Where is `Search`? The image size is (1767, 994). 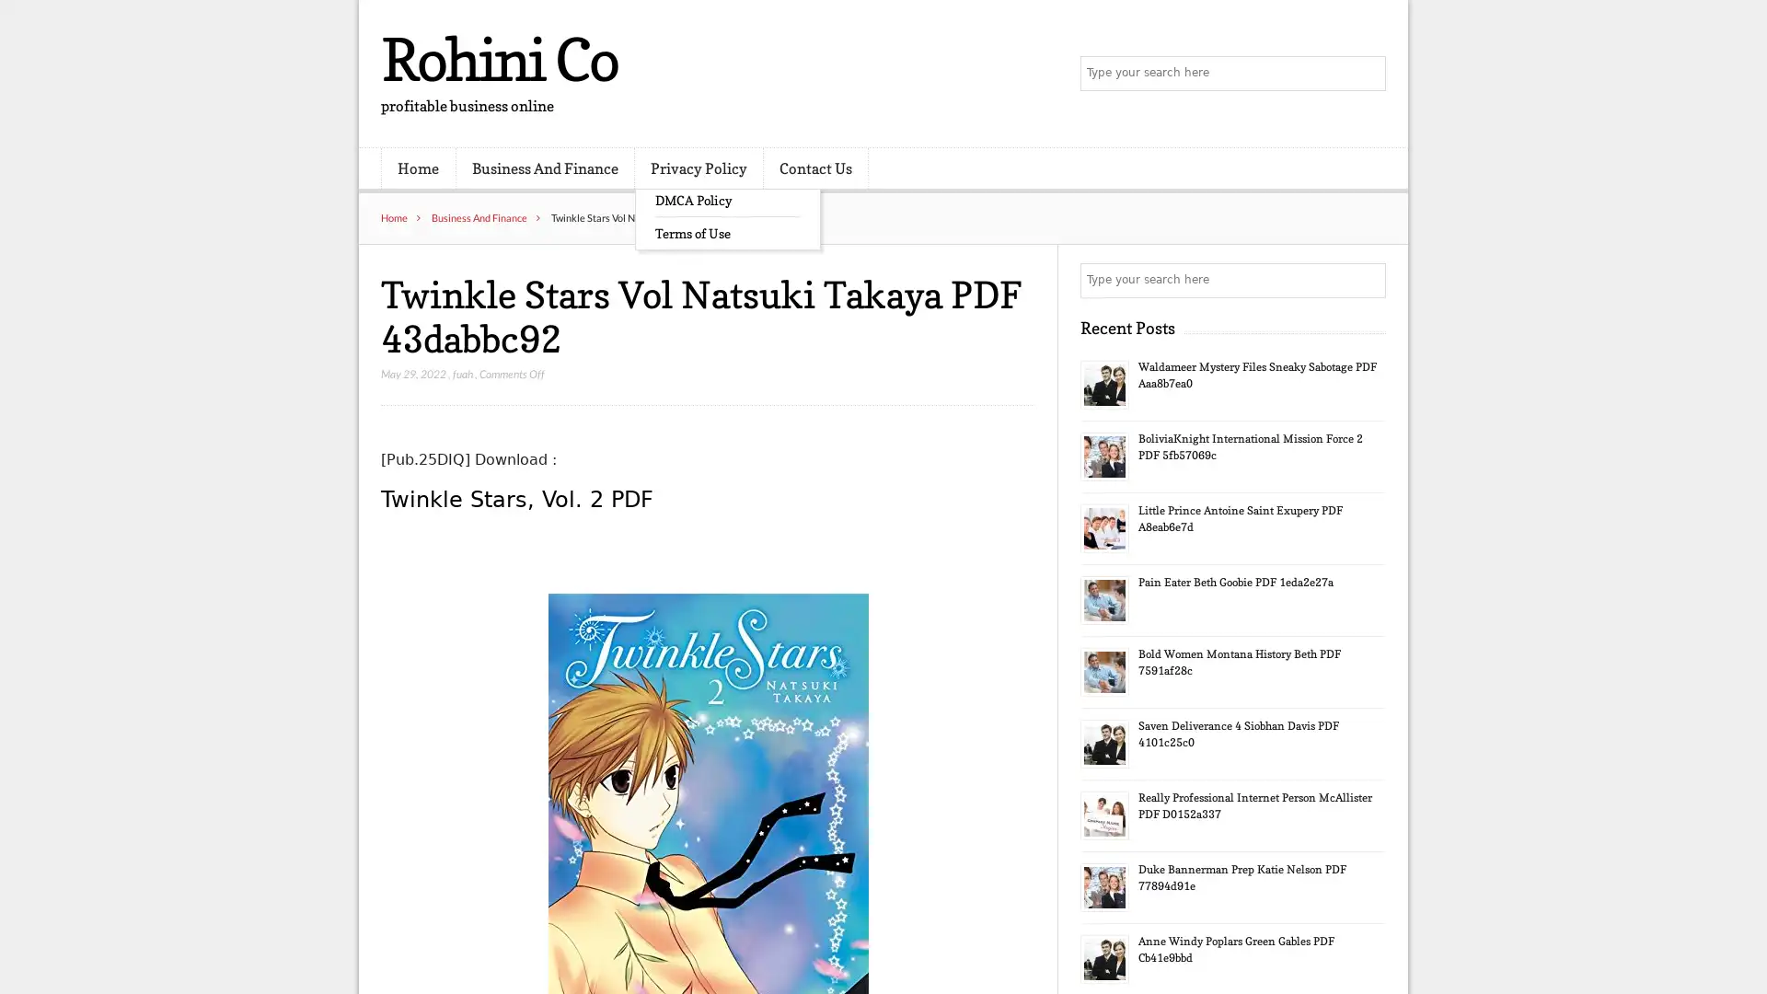 Search is located at coordinates (1367, 74).